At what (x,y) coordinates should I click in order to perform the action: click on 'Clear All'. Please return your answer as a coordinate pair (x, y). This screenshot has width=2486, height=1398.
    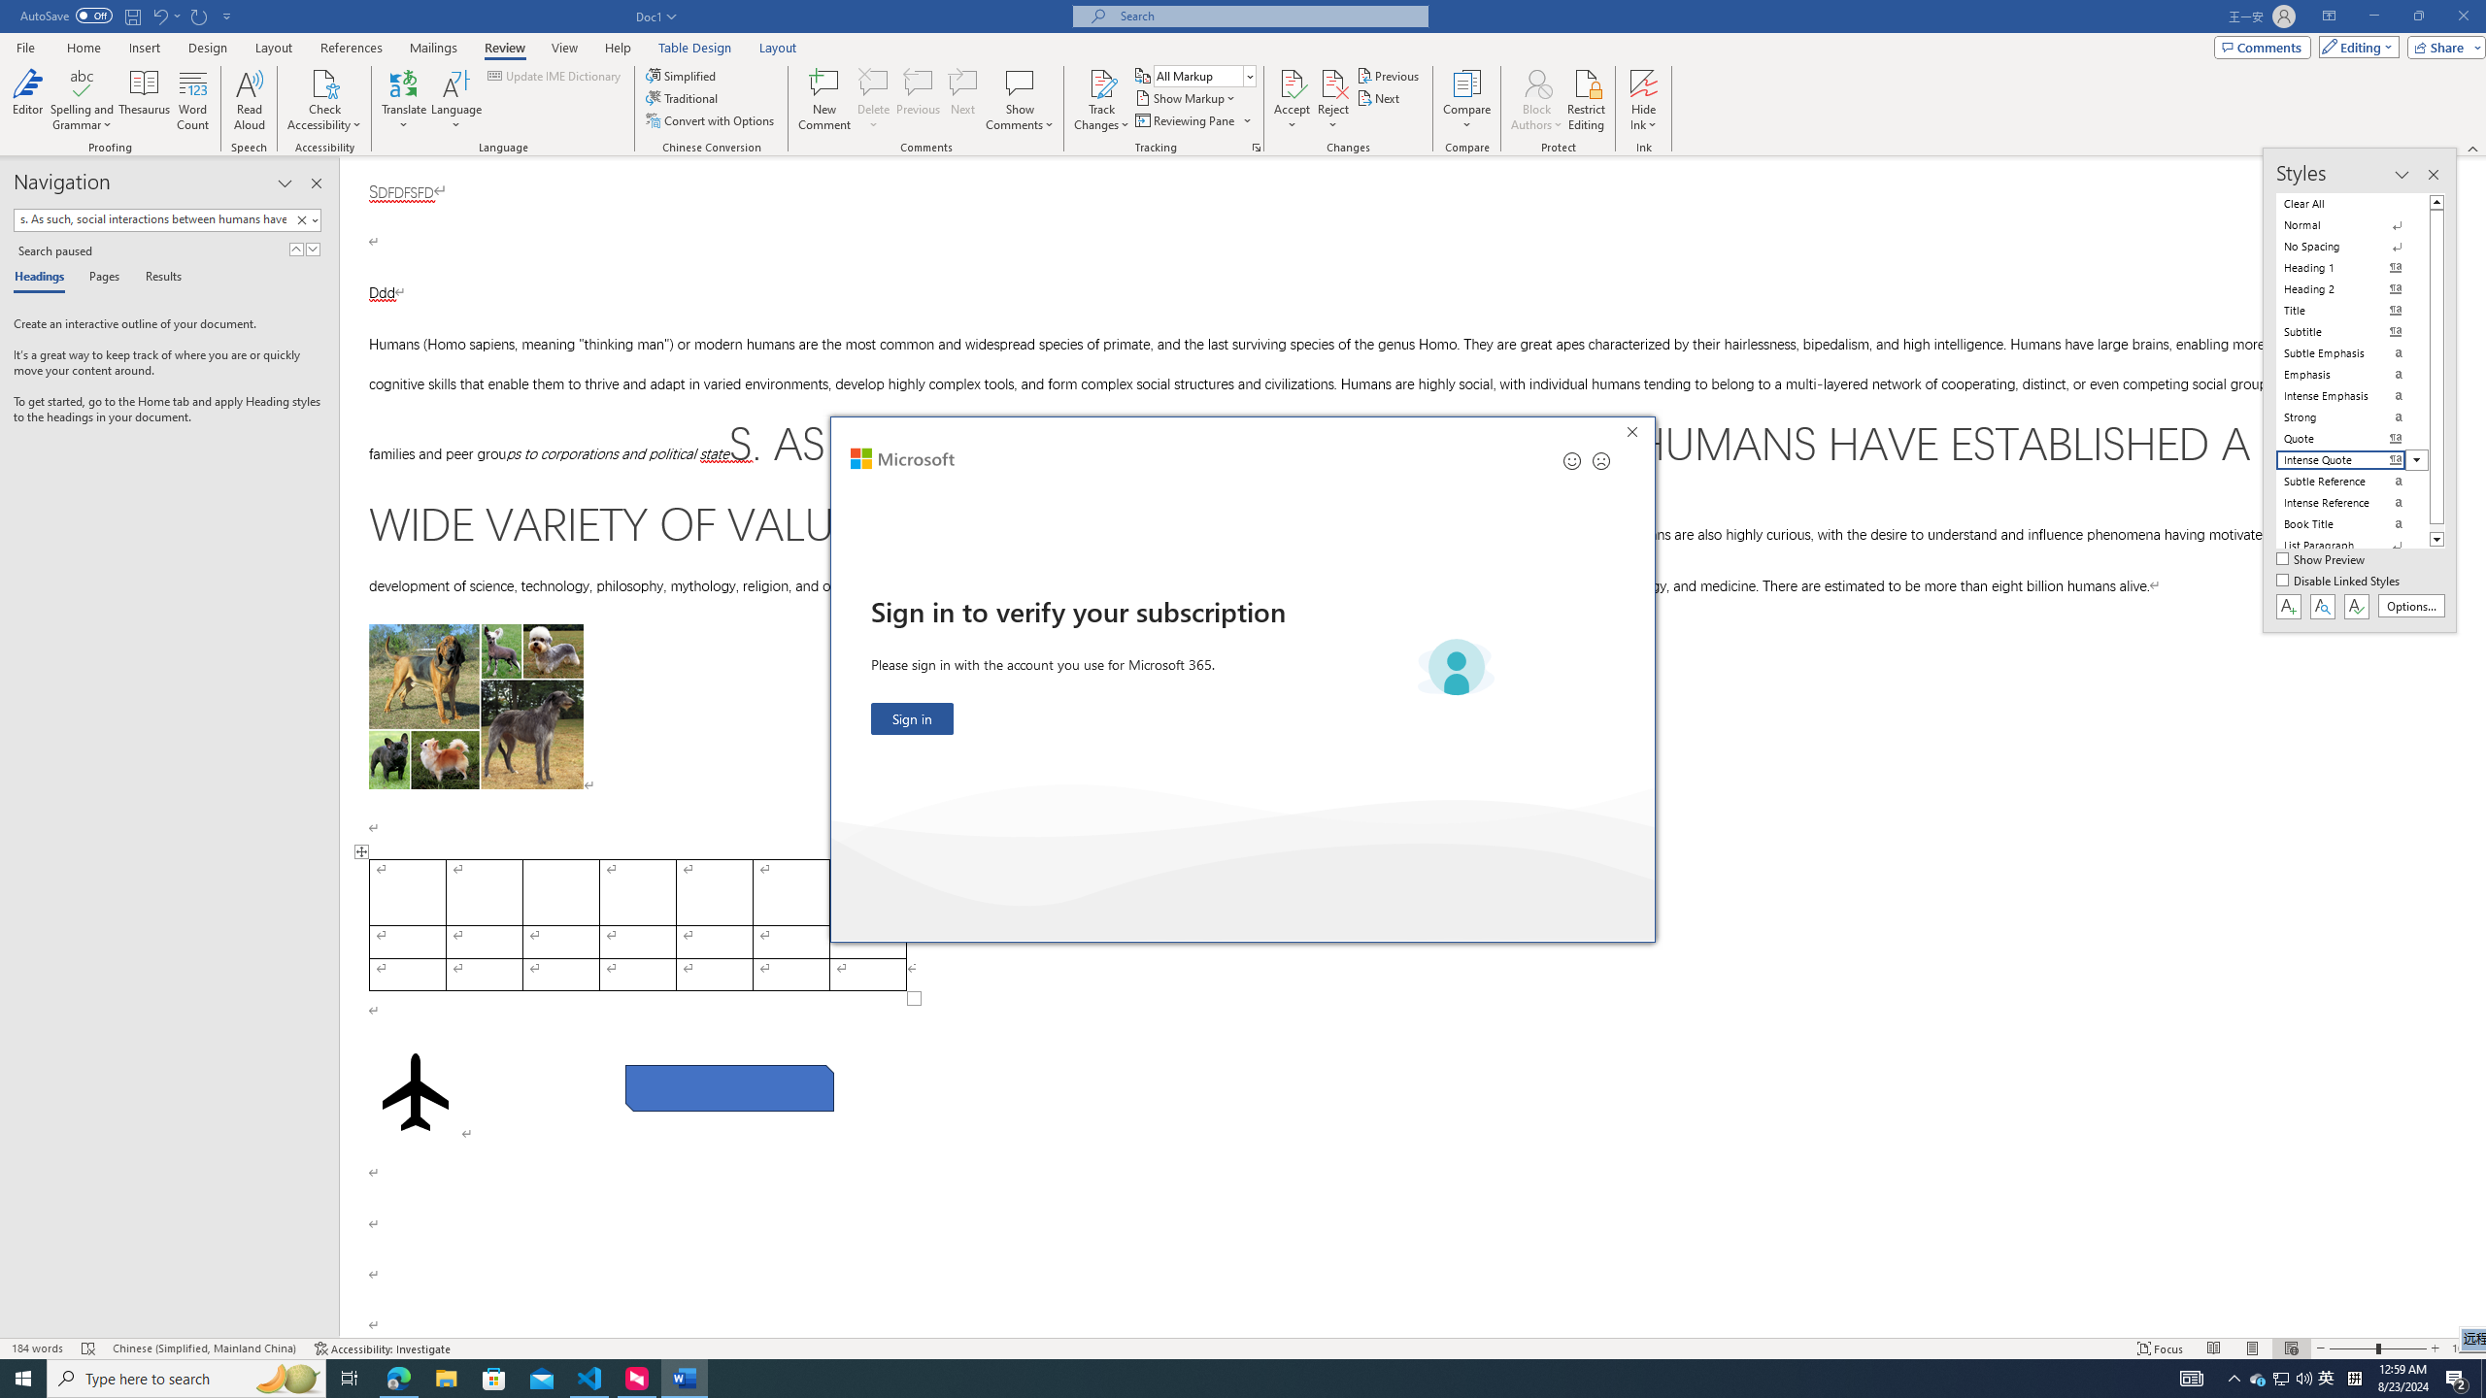
    Looking at the image, I should click on (2352, 202).